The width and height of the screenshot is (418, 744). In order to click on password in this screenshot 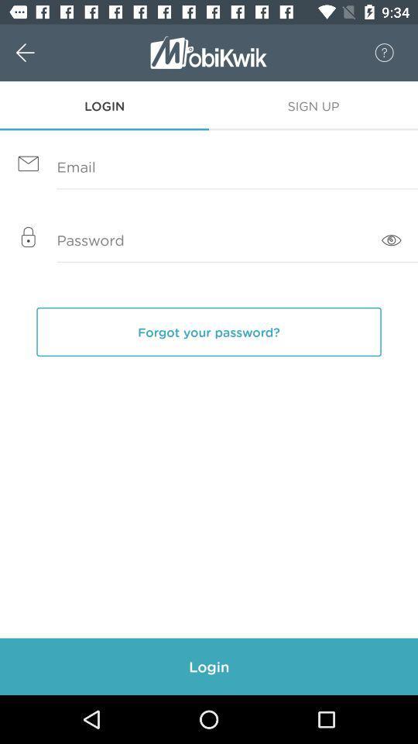, I will do `click(209, 241)`.